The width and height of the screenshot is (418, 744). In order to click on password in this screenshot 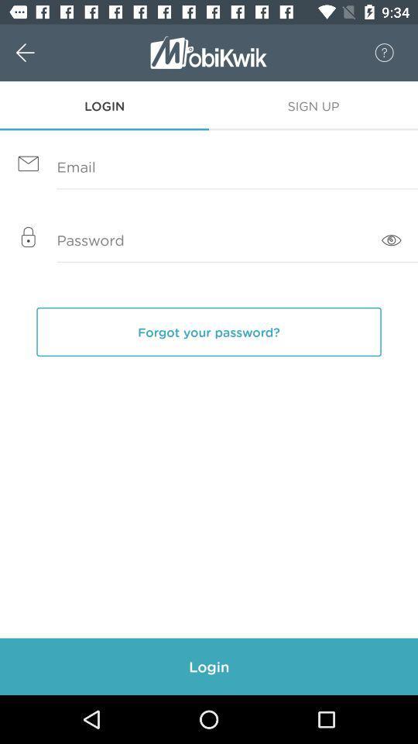, I will do `click(209, 241)`.